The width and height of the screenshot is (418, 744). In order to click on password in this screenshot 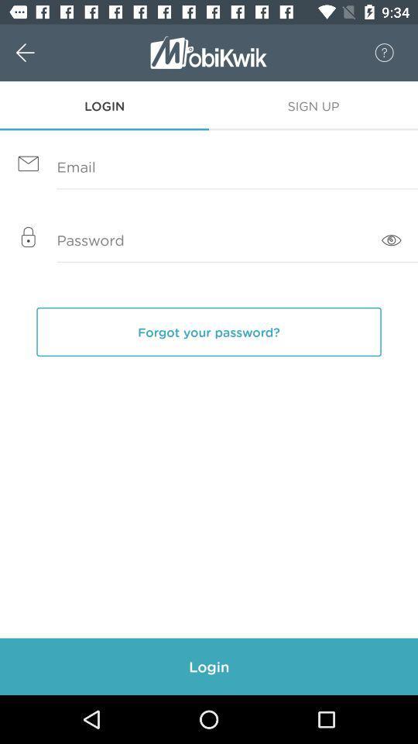, I will do `click(209, 241)`.